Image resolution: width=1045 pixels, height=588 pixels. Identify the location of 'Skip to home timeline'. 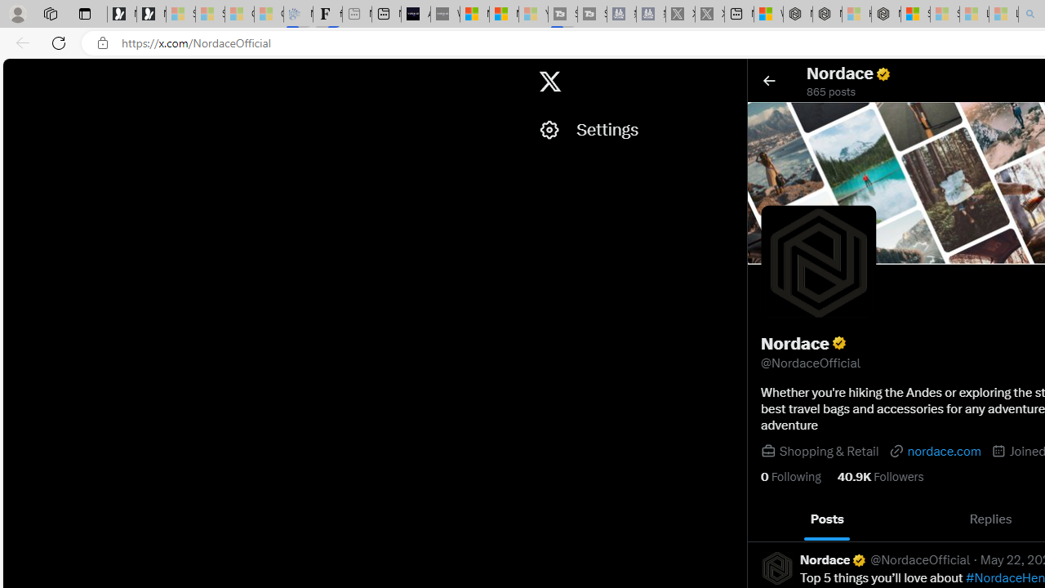
(17, 73).